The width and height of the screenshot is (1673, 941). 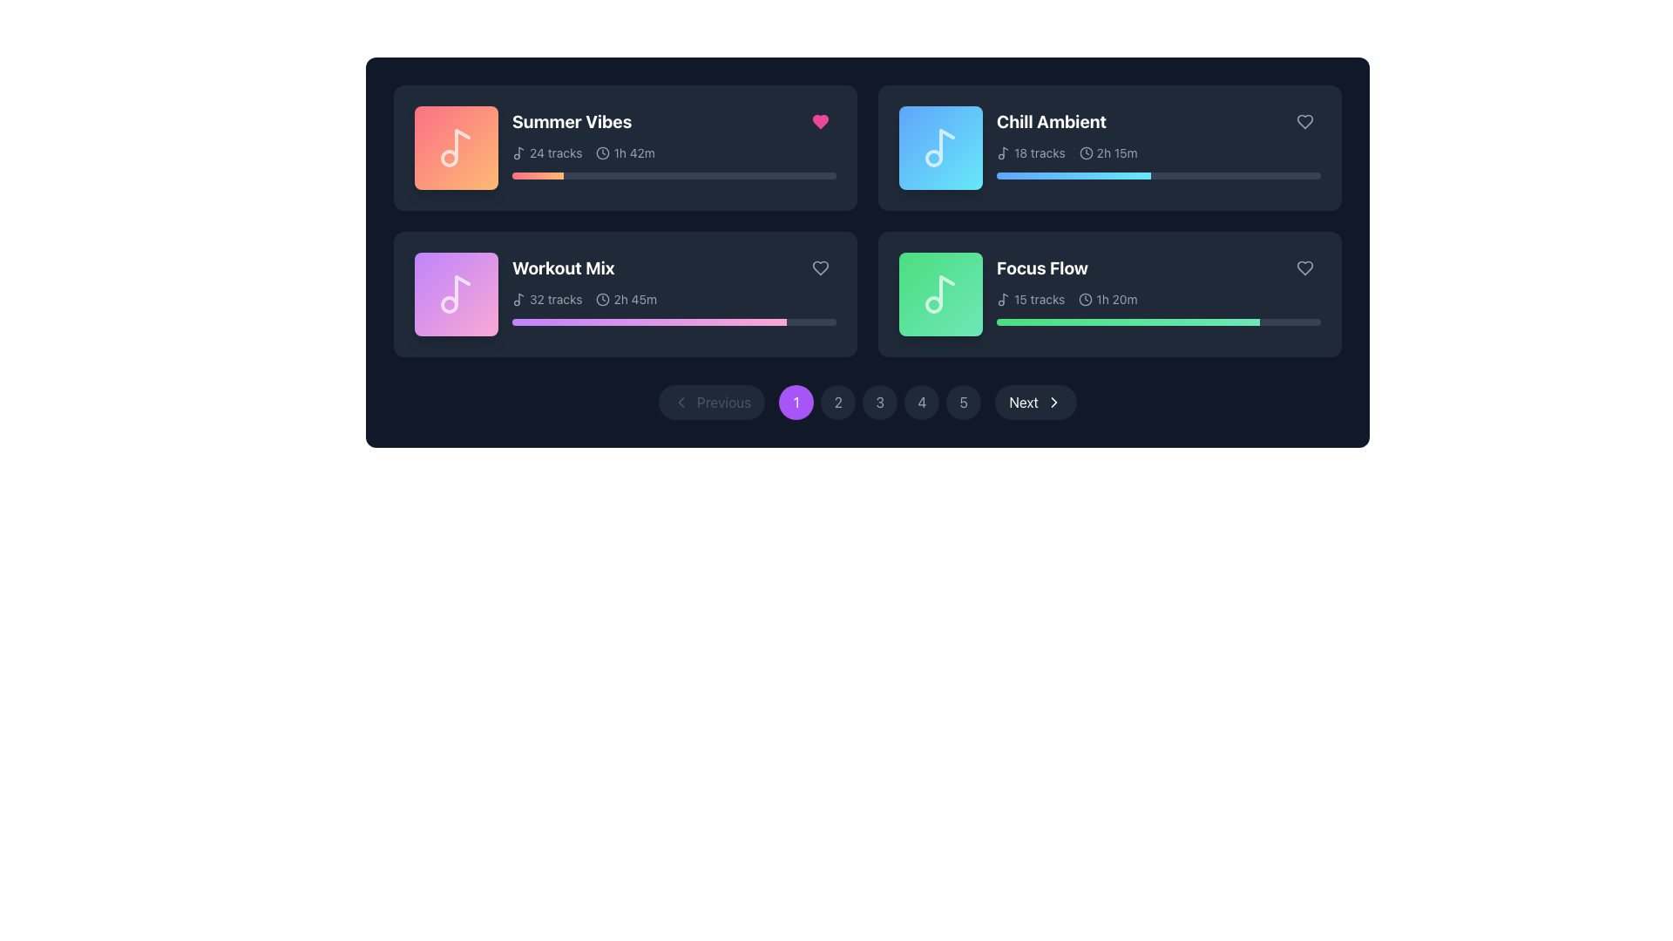 What do you see at coordinates (1004, 152) in the screenshot?
I see `the small music note icon located to the left of the '18 tracks' text label within the 'Chill Ambient' card, which is designed in a minimalist style with a dark color to match the interface` at bounding box center [1004, 152].